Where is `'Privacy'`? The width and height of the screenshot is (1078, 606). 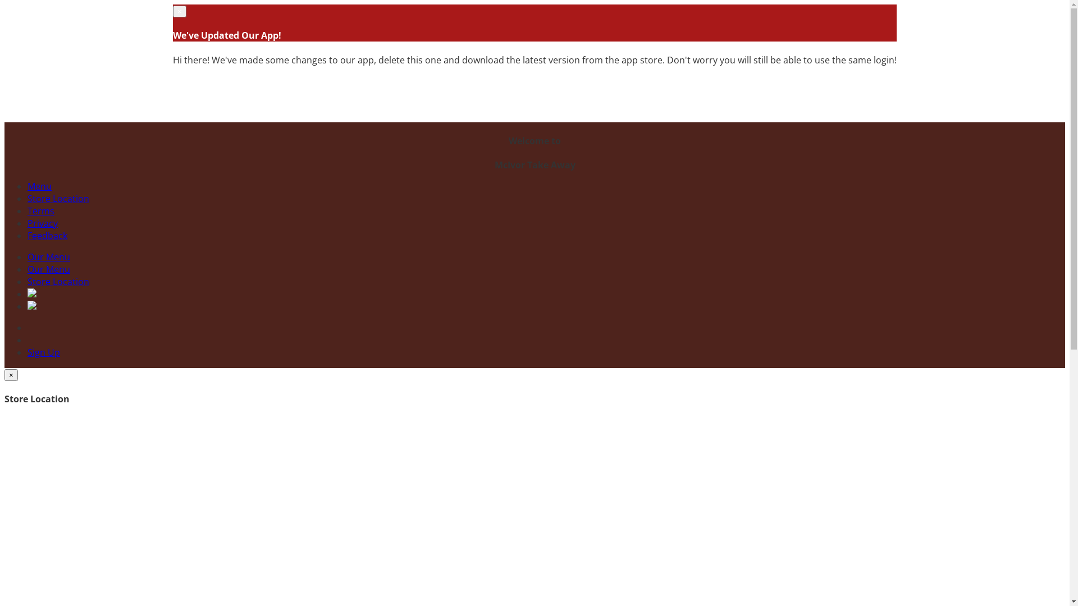
'Privacy' is located at coordinates (43, 223).